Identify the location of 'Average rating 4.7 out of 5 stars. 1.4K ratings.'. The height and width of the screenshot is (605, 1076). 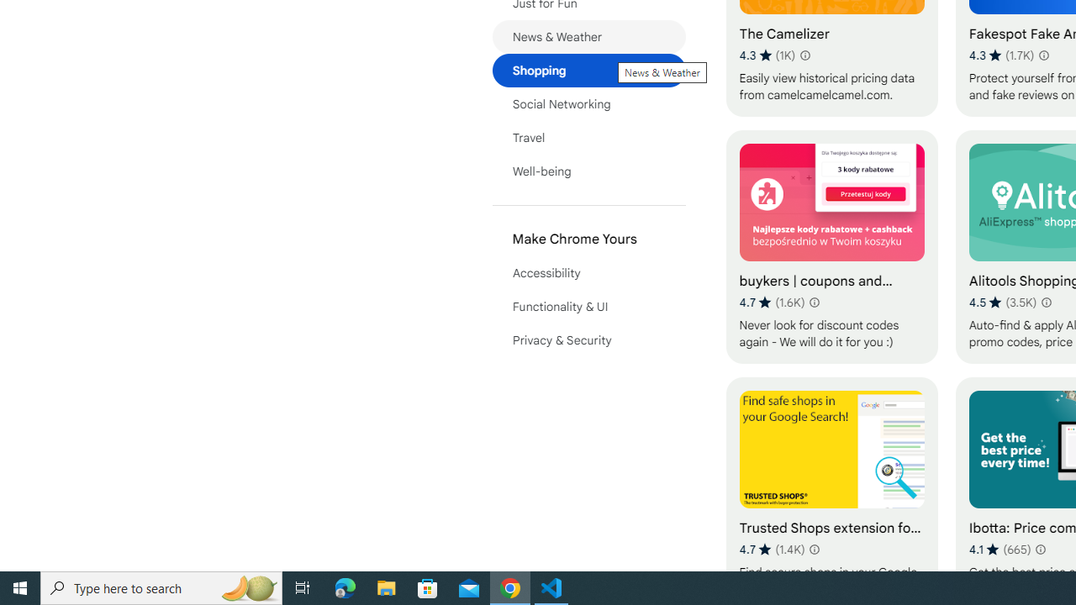
(771, 549).